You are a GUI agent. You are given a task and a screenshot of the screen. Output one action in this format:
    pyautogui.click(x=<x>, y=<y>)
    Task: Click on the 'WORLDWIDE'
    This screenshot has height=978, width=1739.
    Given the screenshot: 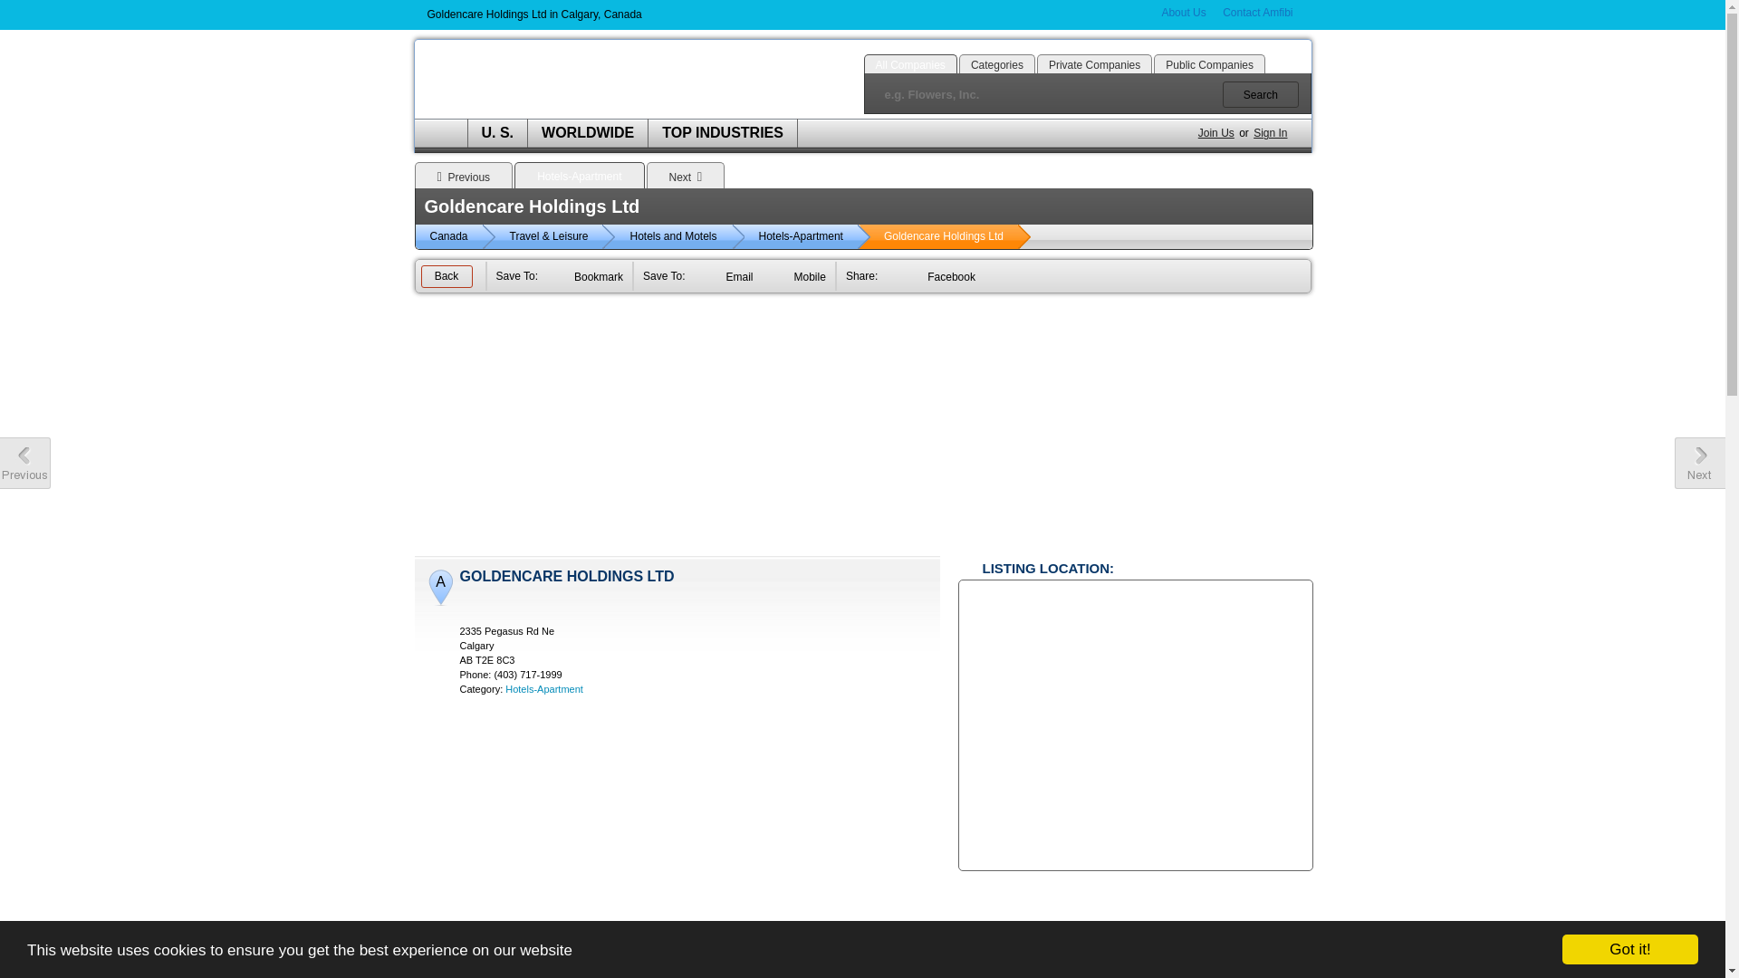 What is the action you would take?
    pyautogui.click(x=587, y=131)
    